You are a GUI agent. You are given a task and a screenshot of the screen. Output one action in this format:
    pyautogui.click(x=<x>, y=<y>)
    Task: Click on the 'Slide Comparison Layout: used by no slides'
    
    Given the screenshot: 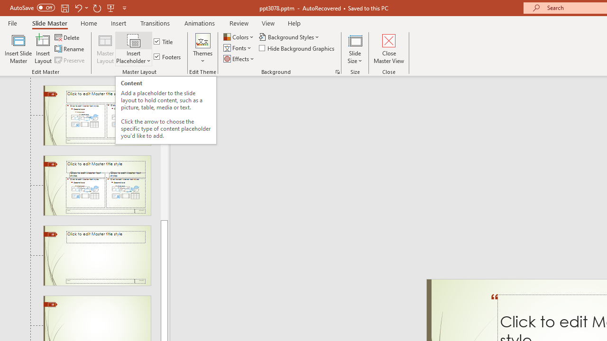 What is the action you would take?
    pyautogui.click(x=97, y=186)
    